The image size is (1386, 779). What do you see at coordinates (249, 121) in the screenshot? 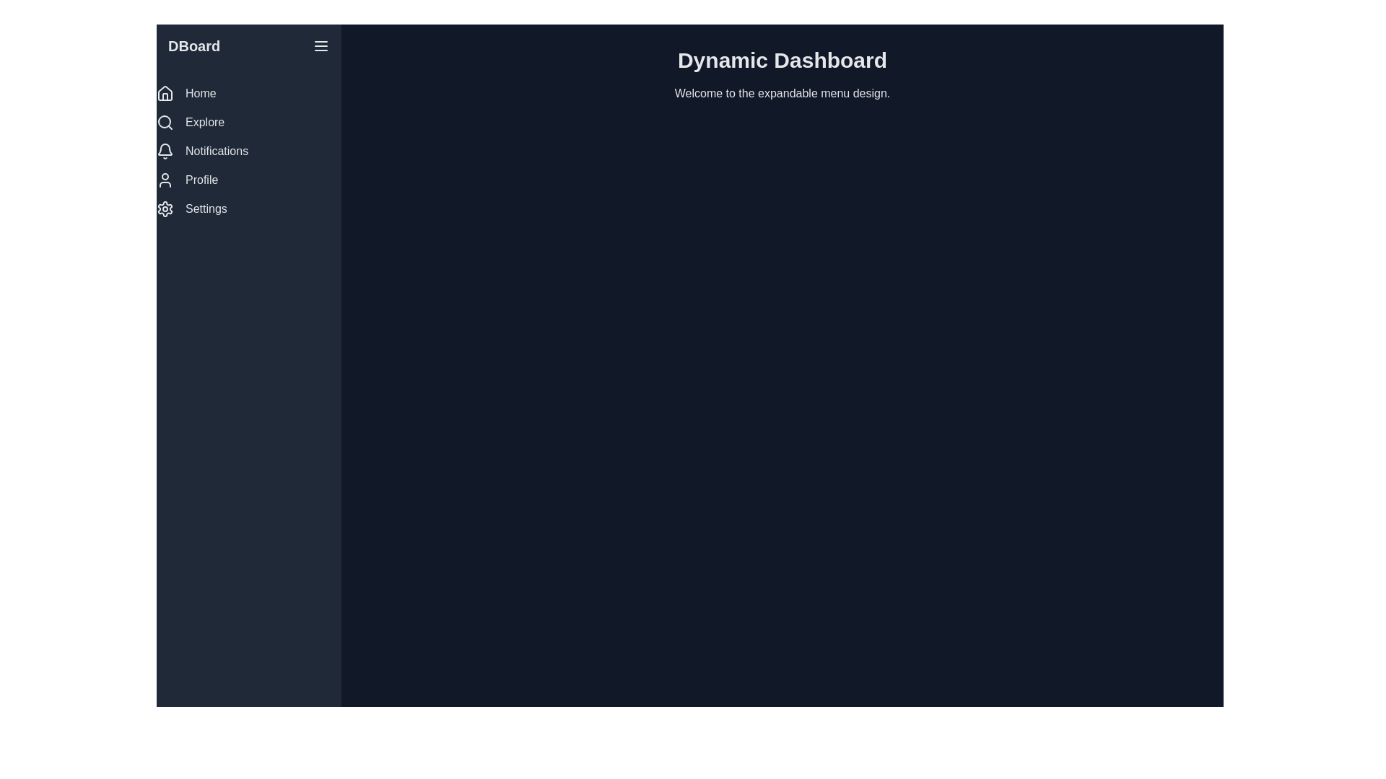
I see `the 'Explore' button, which is the second item in the vertical menu list` at bounding box center [249, 121].